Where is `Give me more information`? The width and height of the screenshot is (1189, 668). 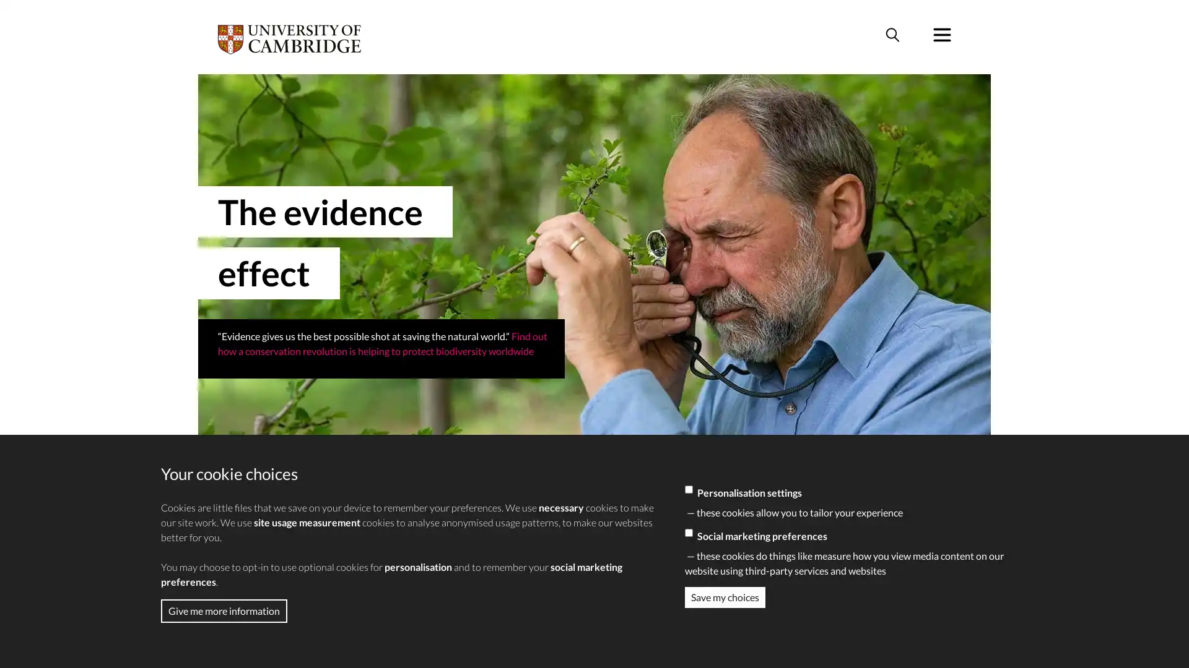
Give me more information is located at coordinates (223, 610).